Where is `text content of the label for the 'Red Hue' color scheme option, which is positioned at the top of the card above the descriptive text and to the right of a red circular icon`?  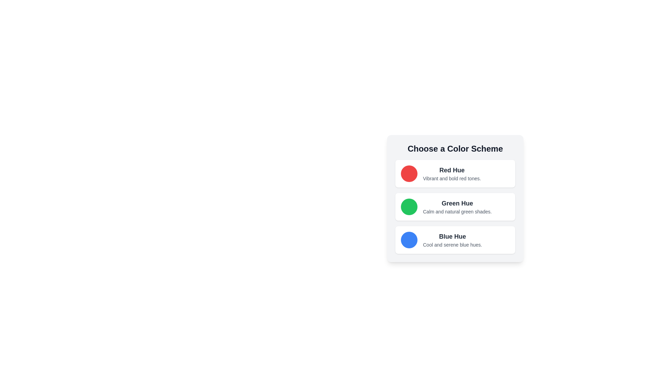 text content of the label for the 'Red Hue' color scheme option, which is positioned at the top of the card above the descriptive text and to the right of a red circular icon is located at coordinates (452, 170).